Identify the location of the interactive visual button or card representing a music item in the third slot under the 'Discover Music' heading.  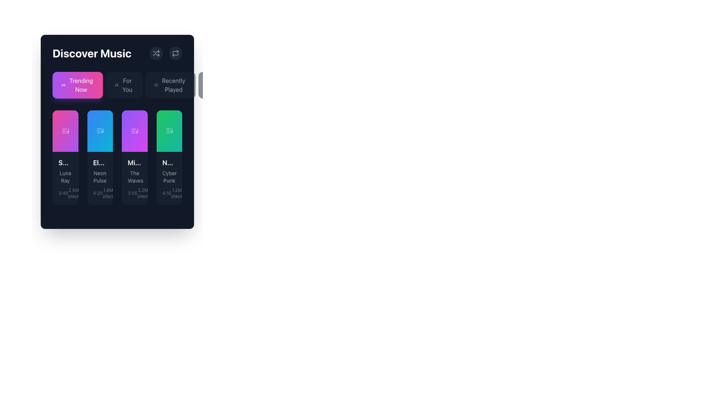
(134, 131).